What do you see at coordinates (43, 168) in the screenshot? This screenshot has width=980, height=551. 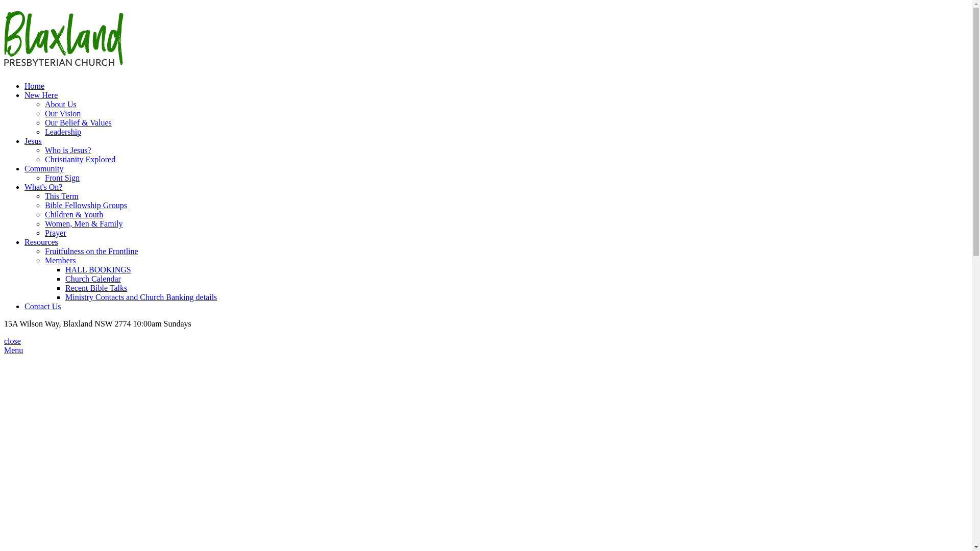 I see `'Community'` at bounding box center [43, 168].